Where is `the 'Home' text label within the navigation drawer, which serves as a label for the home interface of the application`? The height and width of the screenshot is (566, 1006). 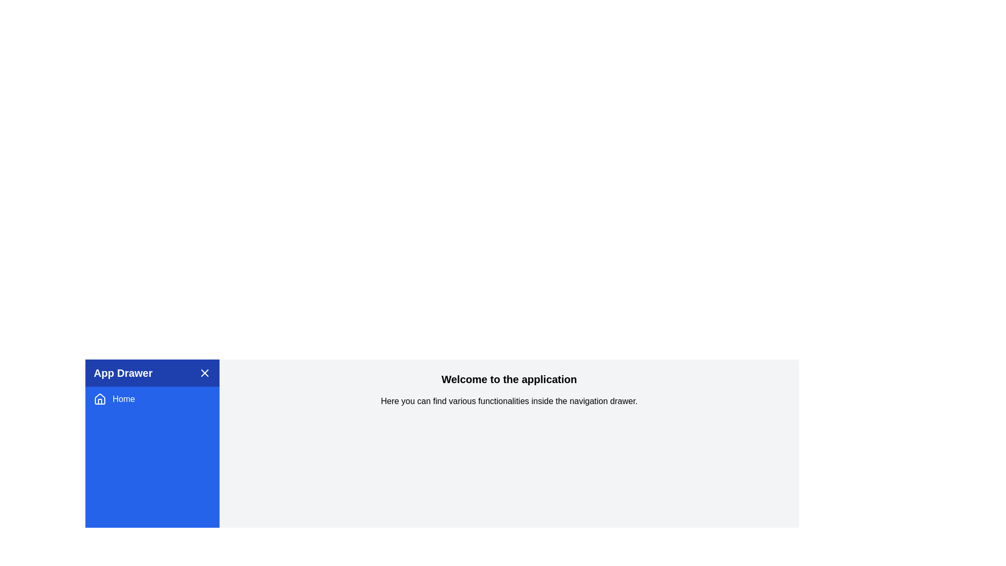
the 'Home' text label within the navigation drawer, which serves as a label for the home interface of the application is located at coordinates (124, 399).